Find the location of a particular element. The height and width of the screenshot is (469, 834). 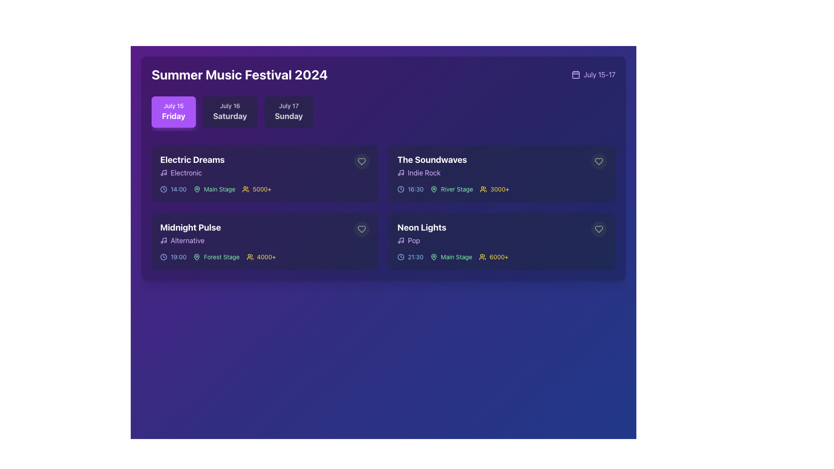

the user icon representing attendance count in the card labeled 'The Soundwaves', which is colored yellow and located to the left of the text '3000+' is located at coordinates (483, 188).